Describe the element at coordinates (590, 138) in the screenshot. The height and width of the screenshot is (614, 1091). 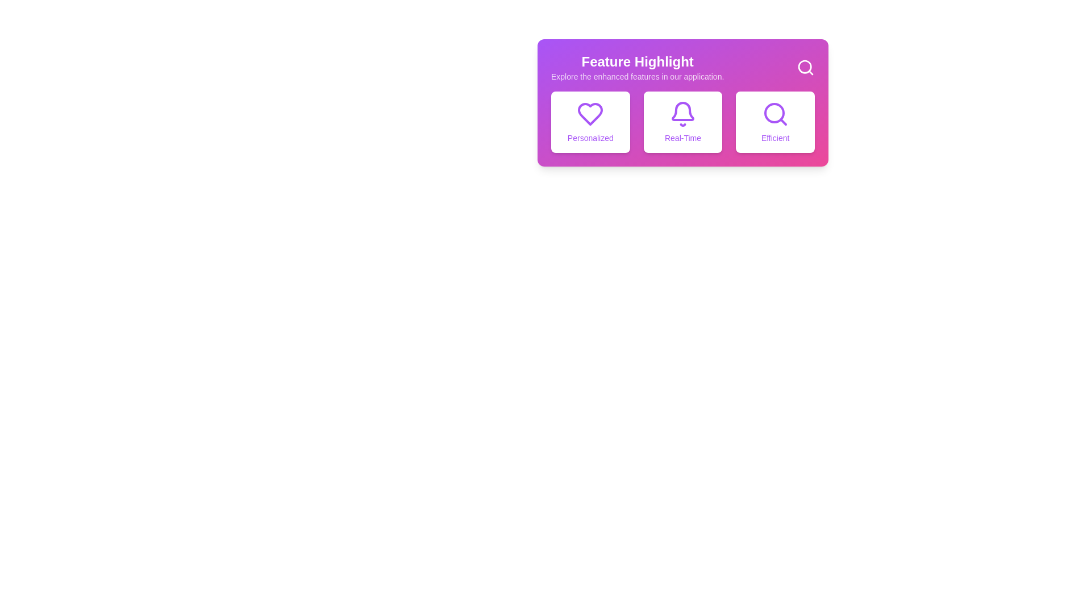
I see `text label displaying 'Personalized' located beneath the heart icon in the UI layout` at that location.